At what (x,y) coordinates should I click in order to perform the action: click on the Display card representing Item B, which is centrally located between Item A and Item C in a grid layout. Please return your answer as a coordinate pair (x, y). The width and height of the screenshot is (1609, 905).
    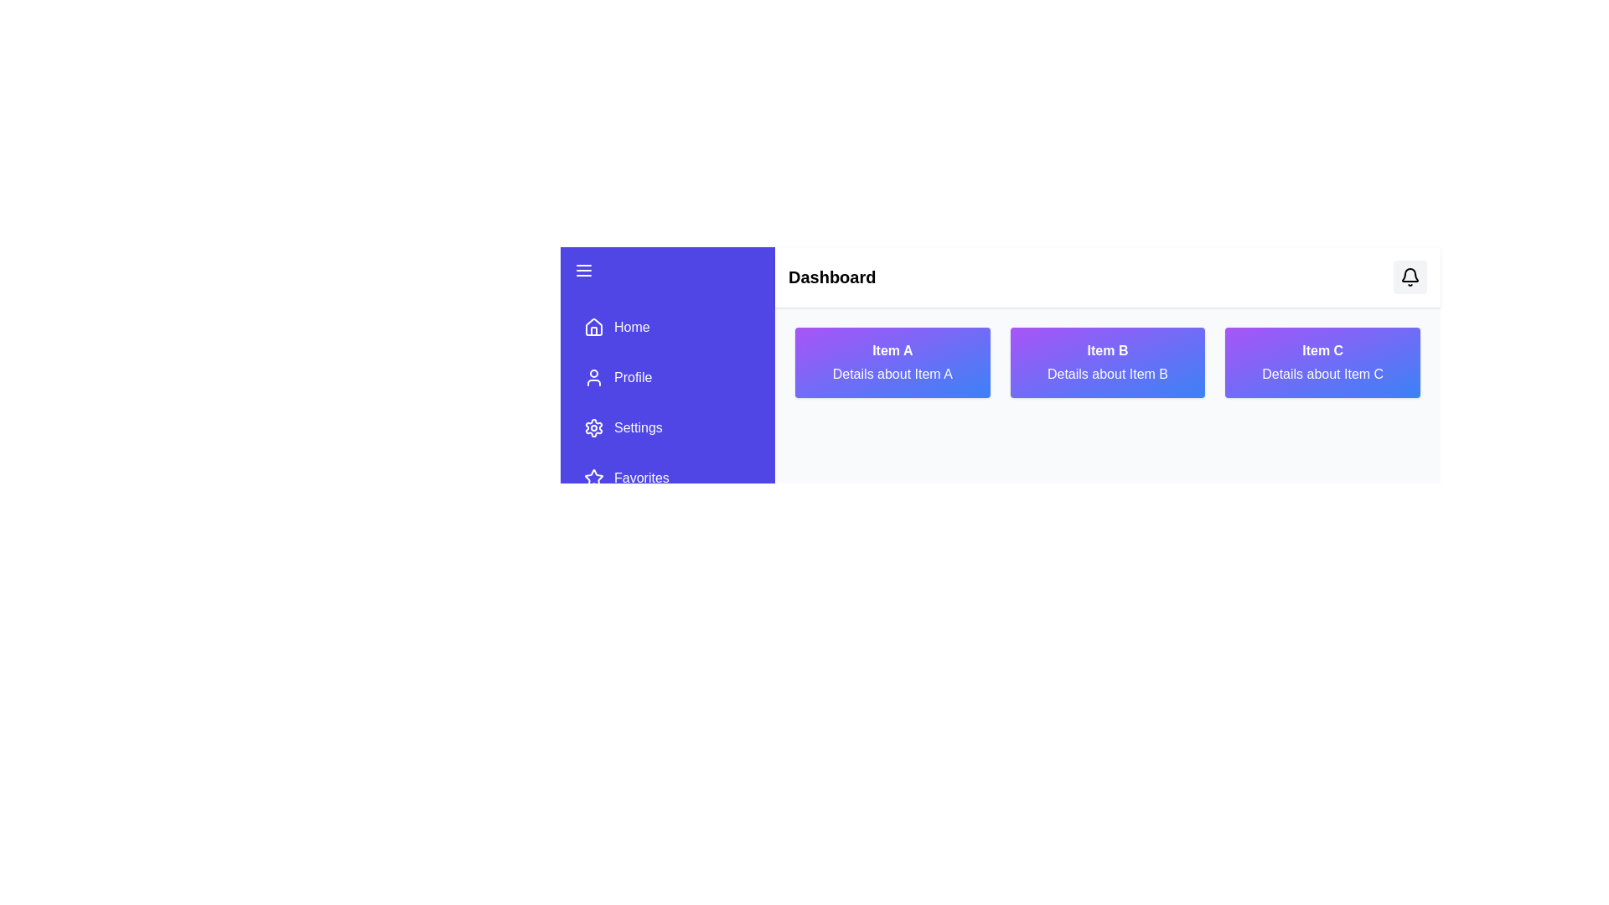
    Looking at the image, I should click on (1107, 361).